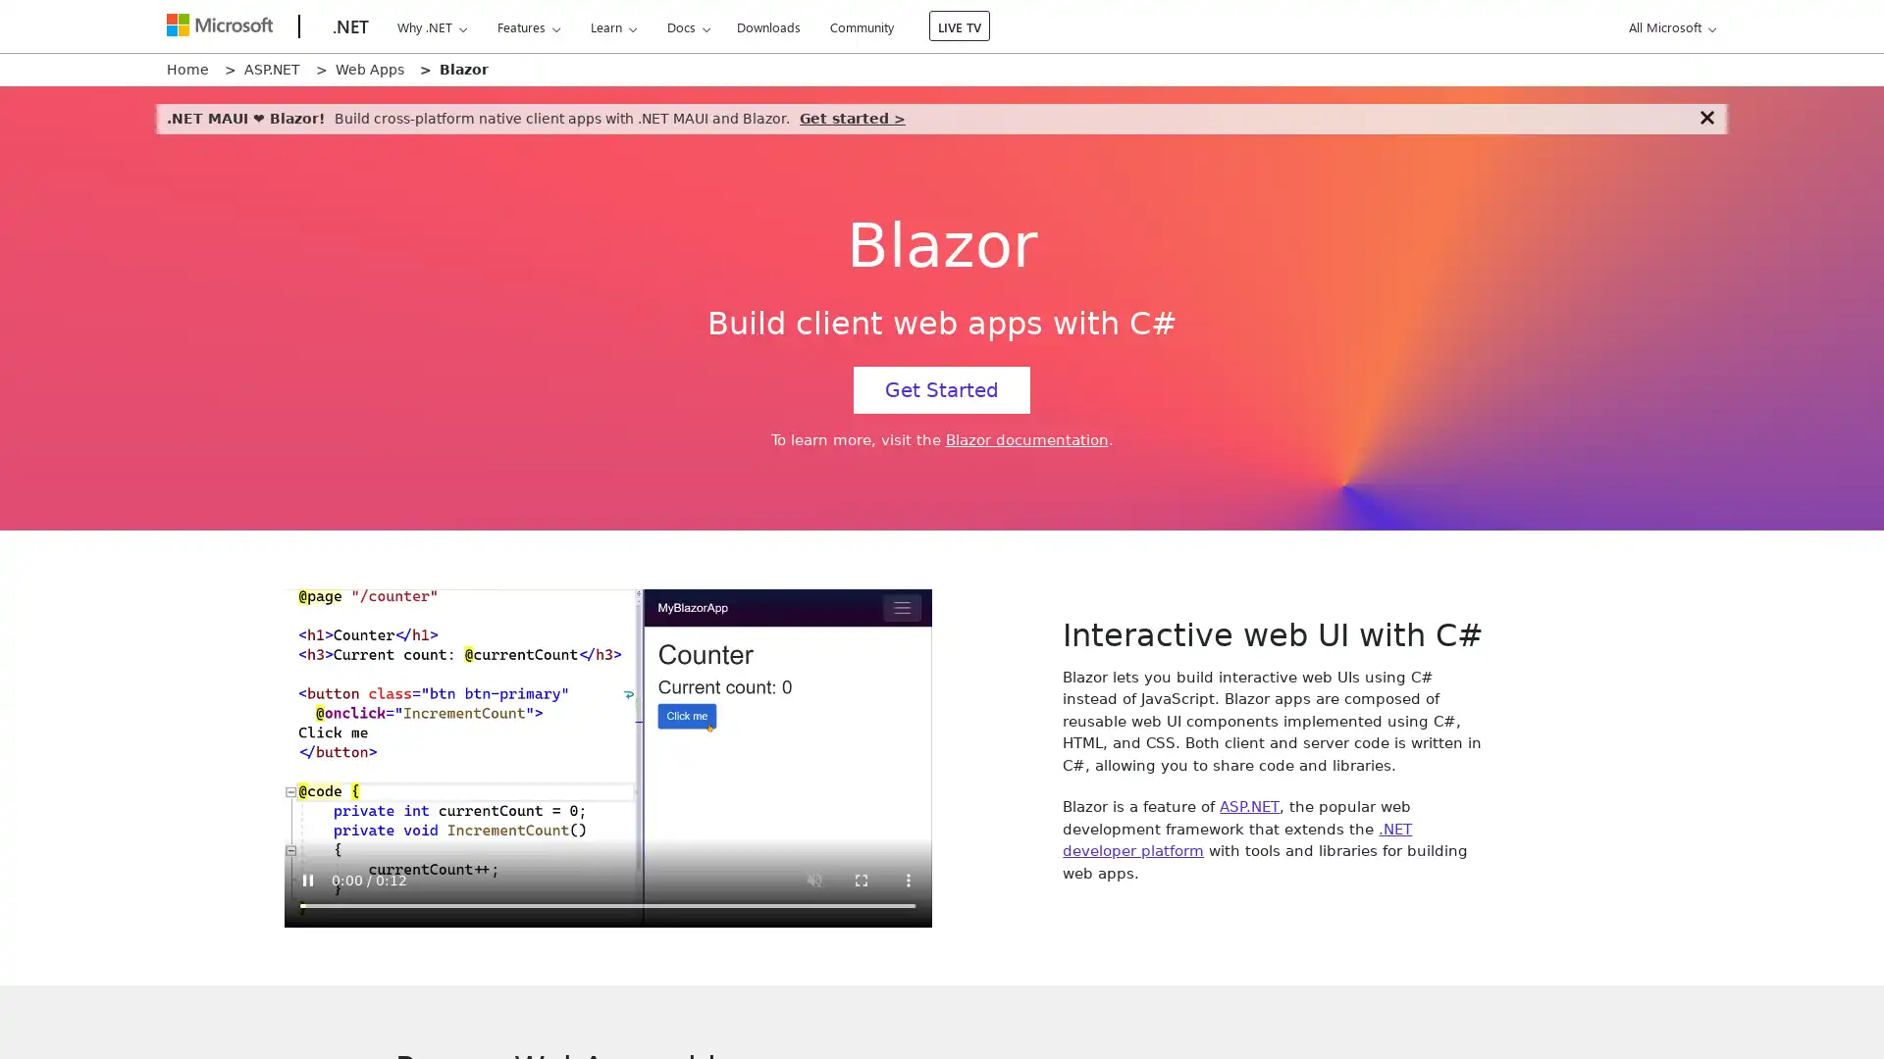  I want to click on Learn, so click(611, 26).